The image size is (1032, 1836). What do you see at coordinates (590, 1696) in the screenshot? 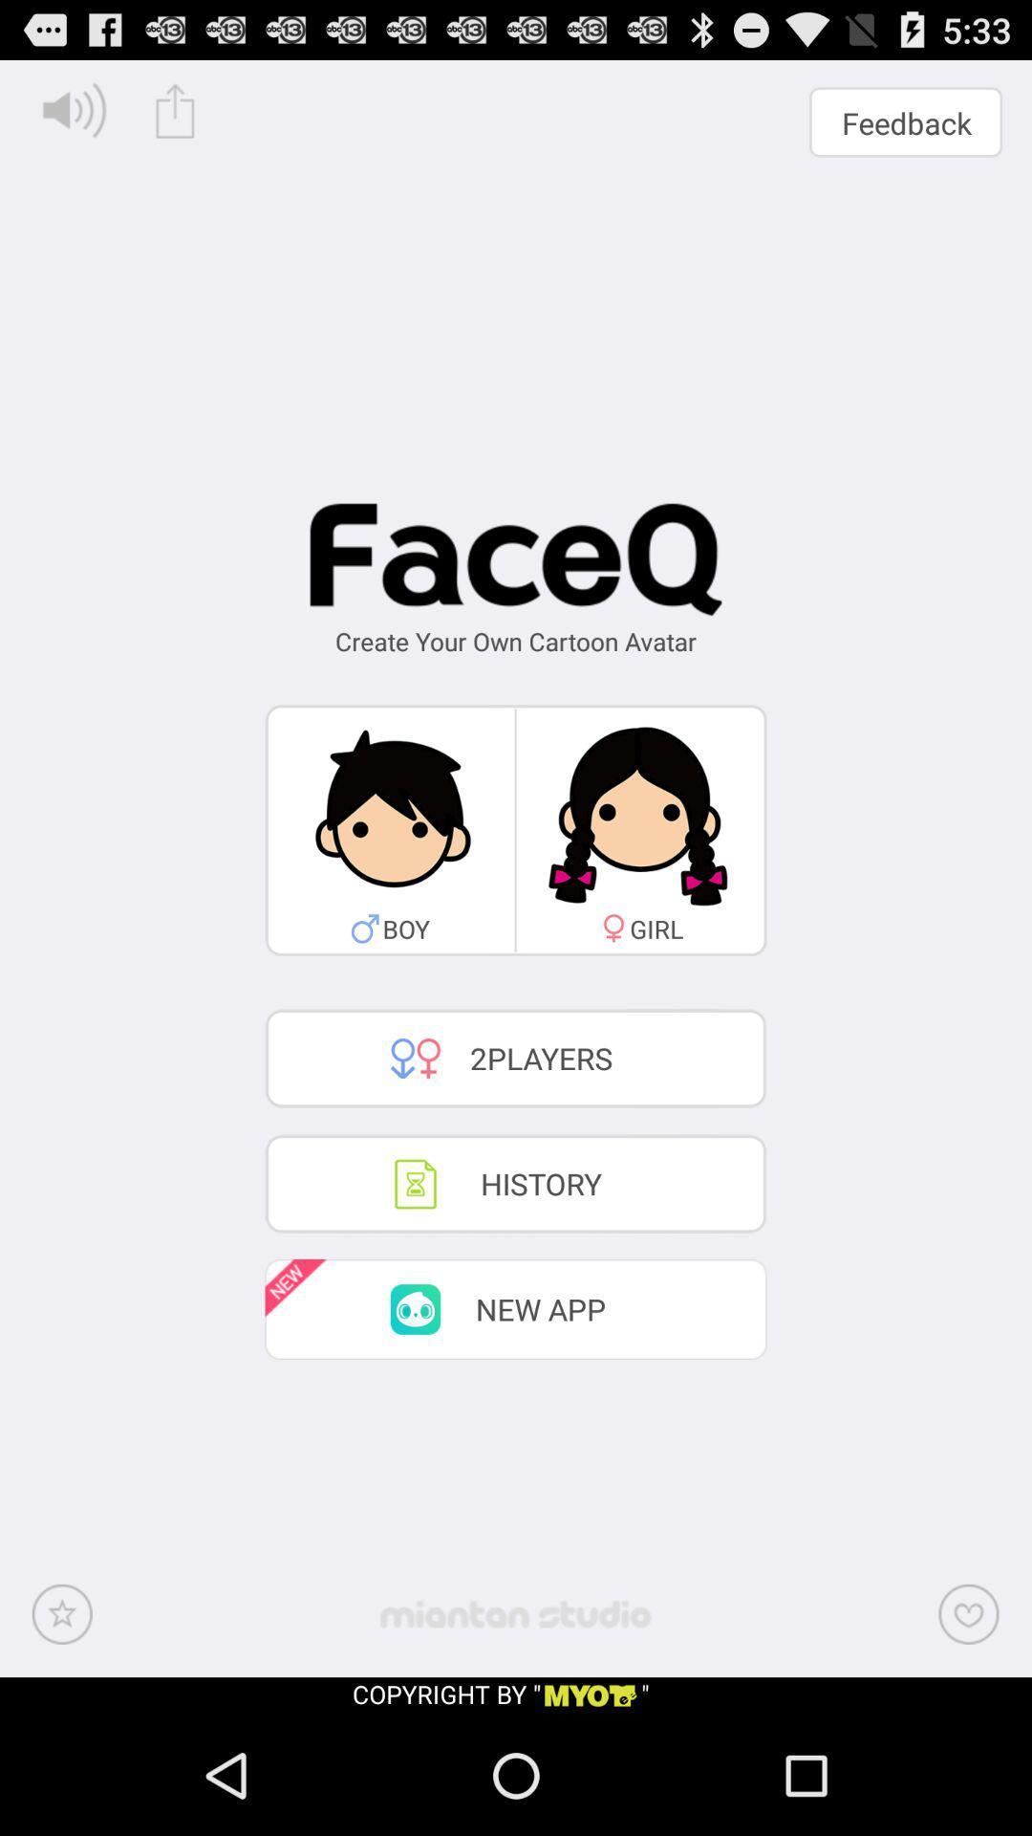
I see `the logo which is just beside the text copyright by` at bounding box center [590, 1696].